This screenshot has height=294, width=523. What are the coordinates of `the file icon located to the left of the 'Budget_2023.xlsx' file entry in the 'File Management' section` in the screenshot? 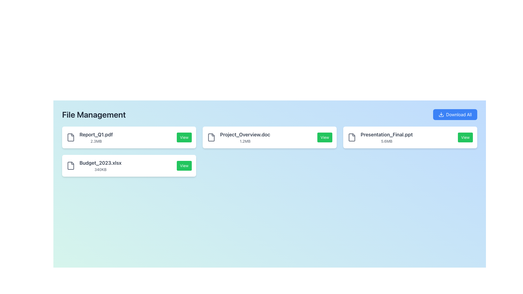 It's located at (70, 166).